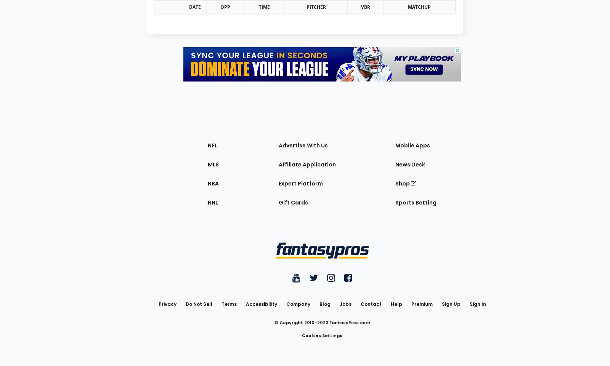 The height and width of the screenshot is (366, 610). Describe the element at coordinates (212, 202) in the screenshot. I see `'NHL'` at that location.